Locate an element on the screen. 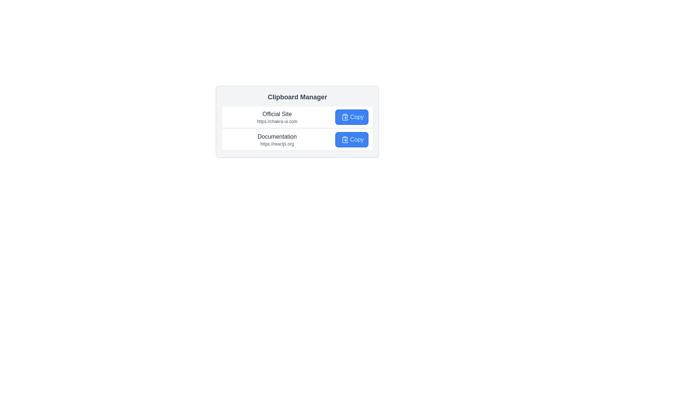 This screenshot has width=699, height=393. text content of the second card in the vertical list, which contains information about documentation and a 'Copy' button is located at coordinates (297, 140).